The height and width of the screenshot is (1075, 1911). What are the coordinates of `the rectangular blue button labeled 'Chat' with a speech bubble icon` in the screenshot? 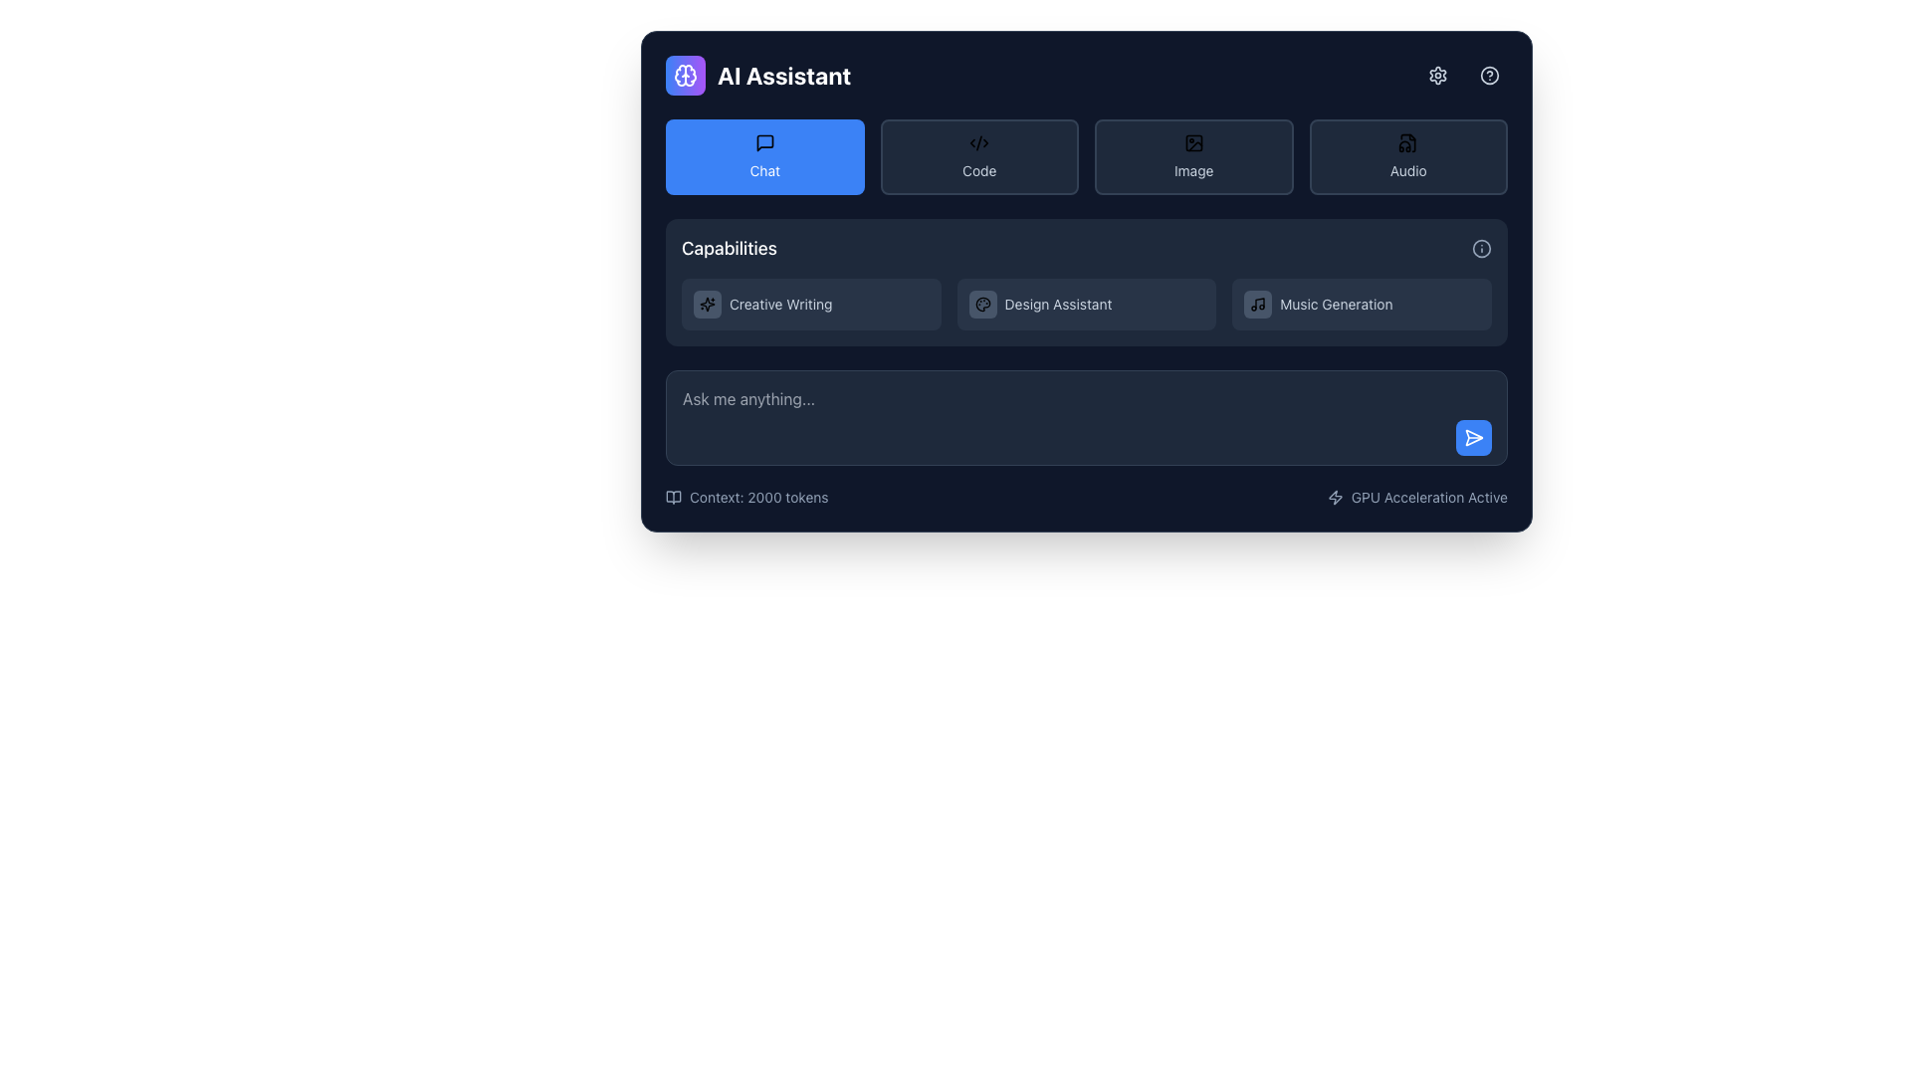 It's located at (763, 156).